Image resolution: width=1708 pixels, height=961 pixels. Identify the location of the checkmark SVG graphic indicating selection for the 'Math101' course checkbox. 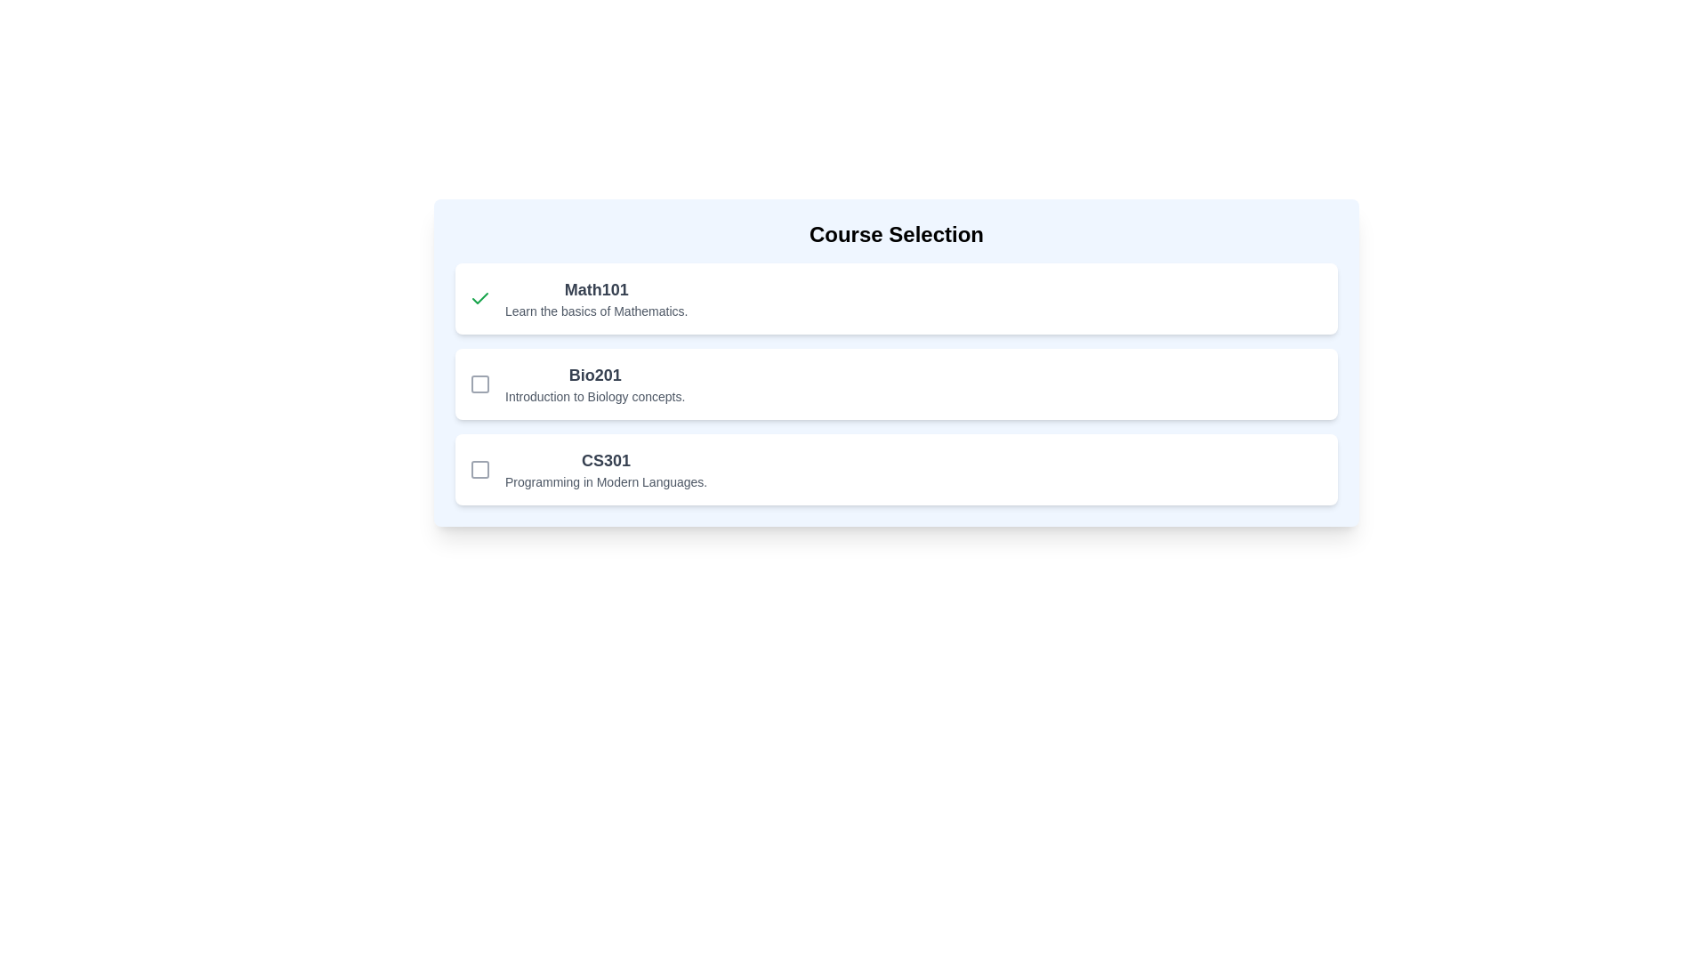
(479, 297).